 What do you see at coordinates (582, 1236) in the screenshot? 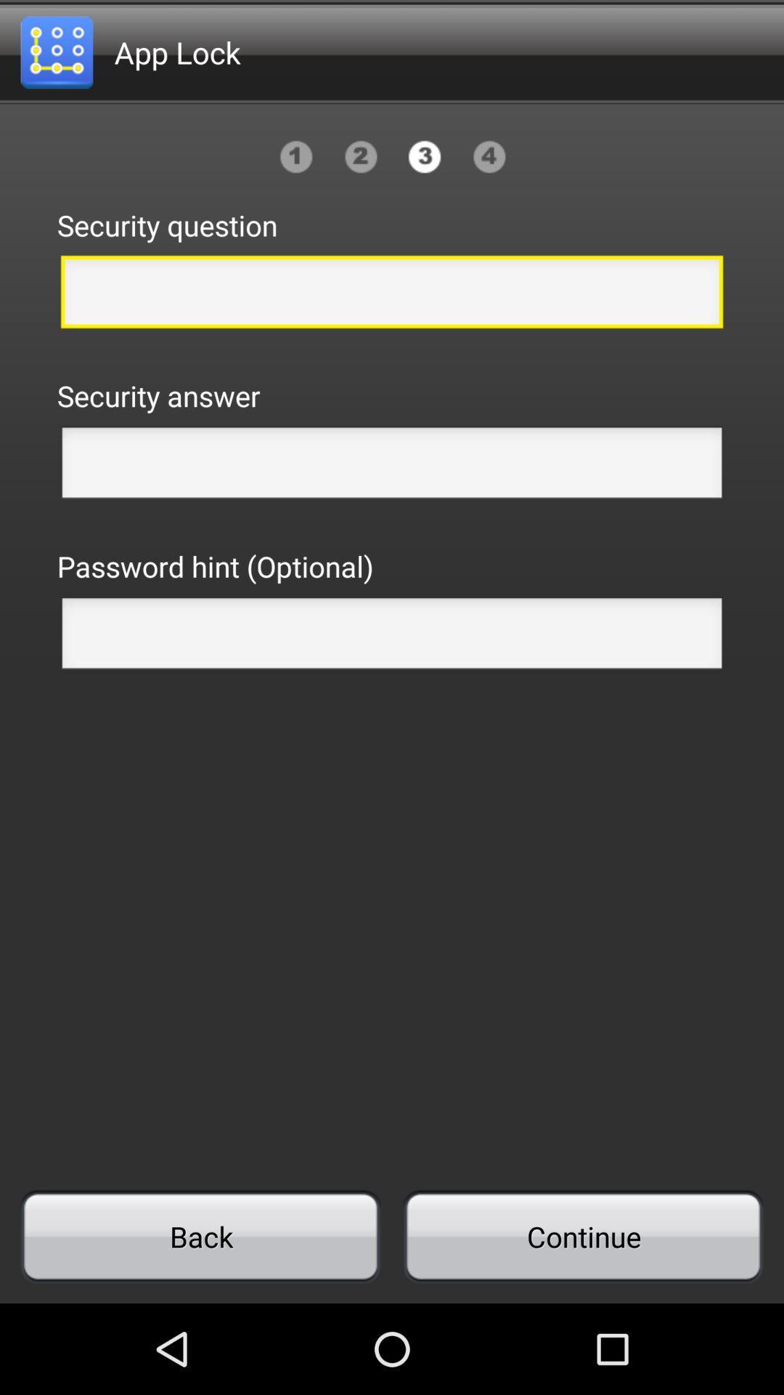
I see `icon to the right of back item` at bounding box center [582, 1236].